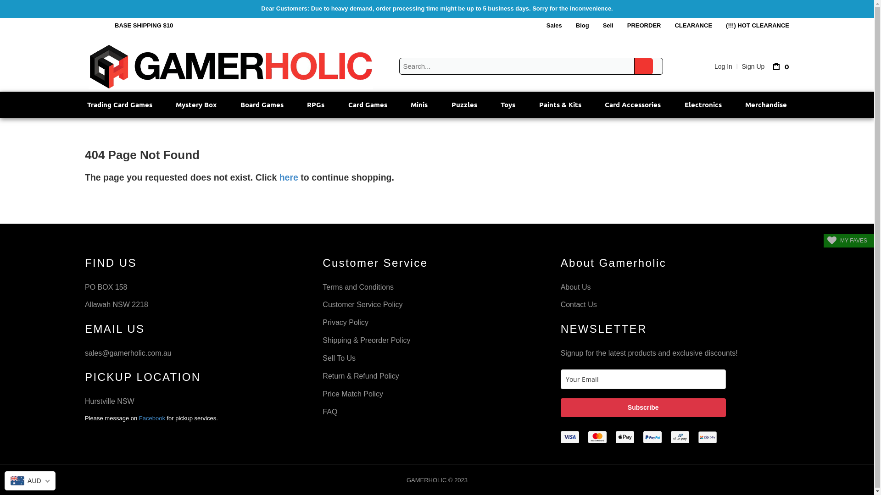  Describe the element at coordinates (753, 66) in the screenshot. I see `'Sign Up'` at that location.